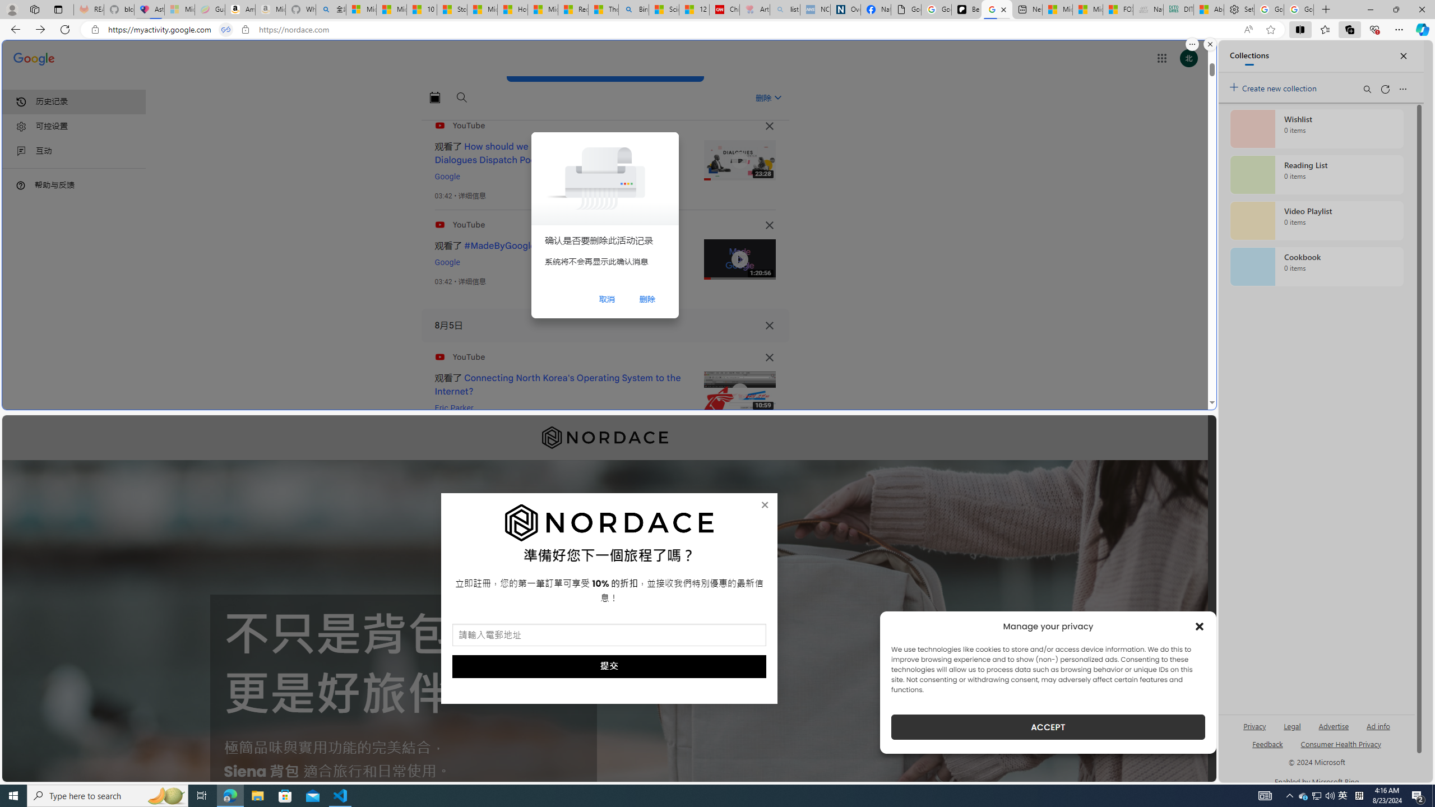 The height and width of the screenshot is (807, 1435). Describe the element at coordinates (905, 9) in the screenshot. I see `'Google Analytics Opt-out Browser Add-on Download Page'` at that location.